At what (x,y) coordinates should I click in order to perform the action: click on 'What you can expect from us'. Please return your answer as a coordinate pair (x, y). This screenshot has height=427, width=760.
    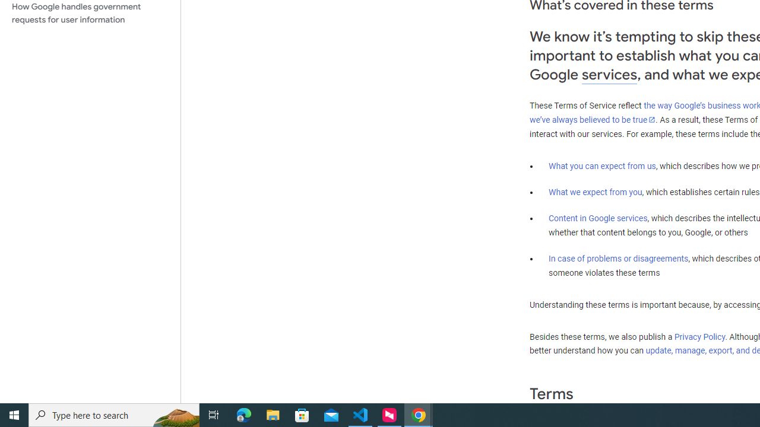
    Looking at the image, I should click on (602, 165).